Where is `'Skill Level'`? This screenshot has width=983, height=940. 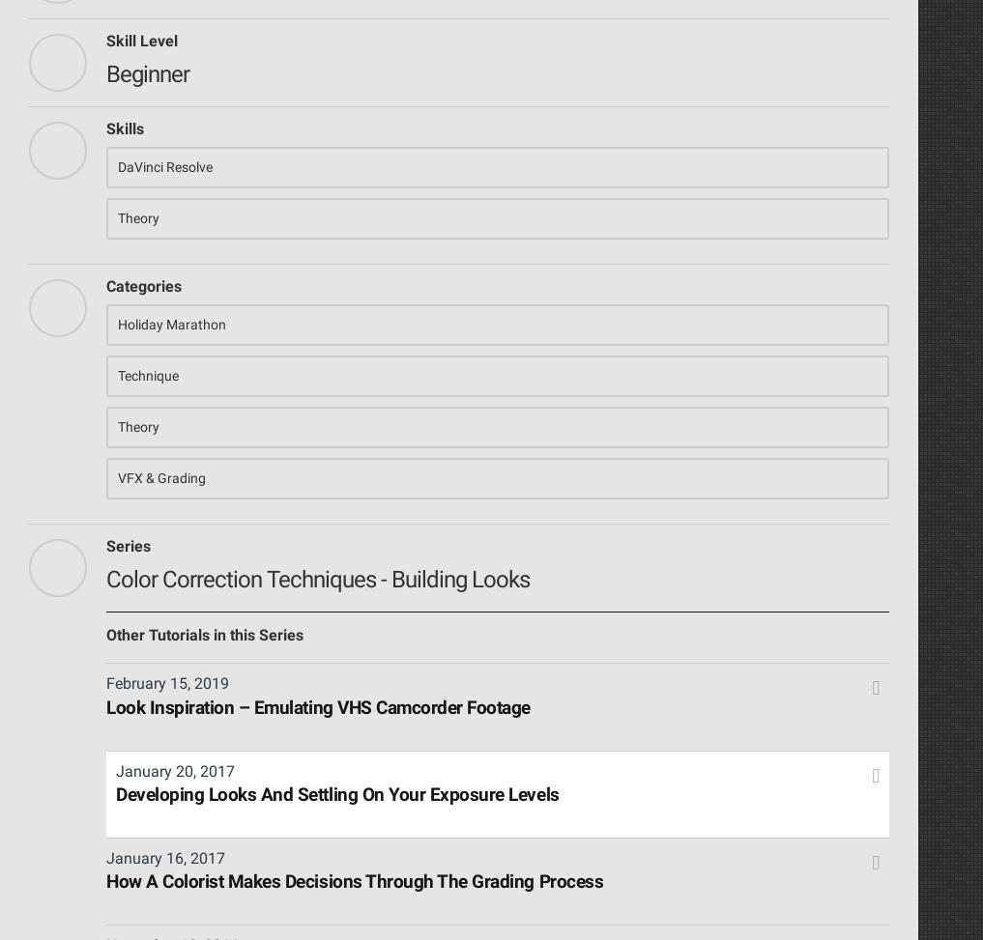 'Skill Level' is located at coordinates (140, 40).